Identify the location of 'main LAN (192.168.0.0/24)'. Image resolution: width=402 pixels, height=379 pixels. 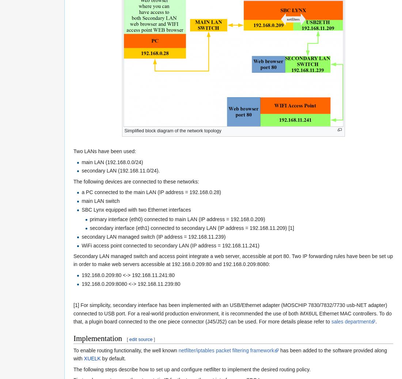
(112, 162).